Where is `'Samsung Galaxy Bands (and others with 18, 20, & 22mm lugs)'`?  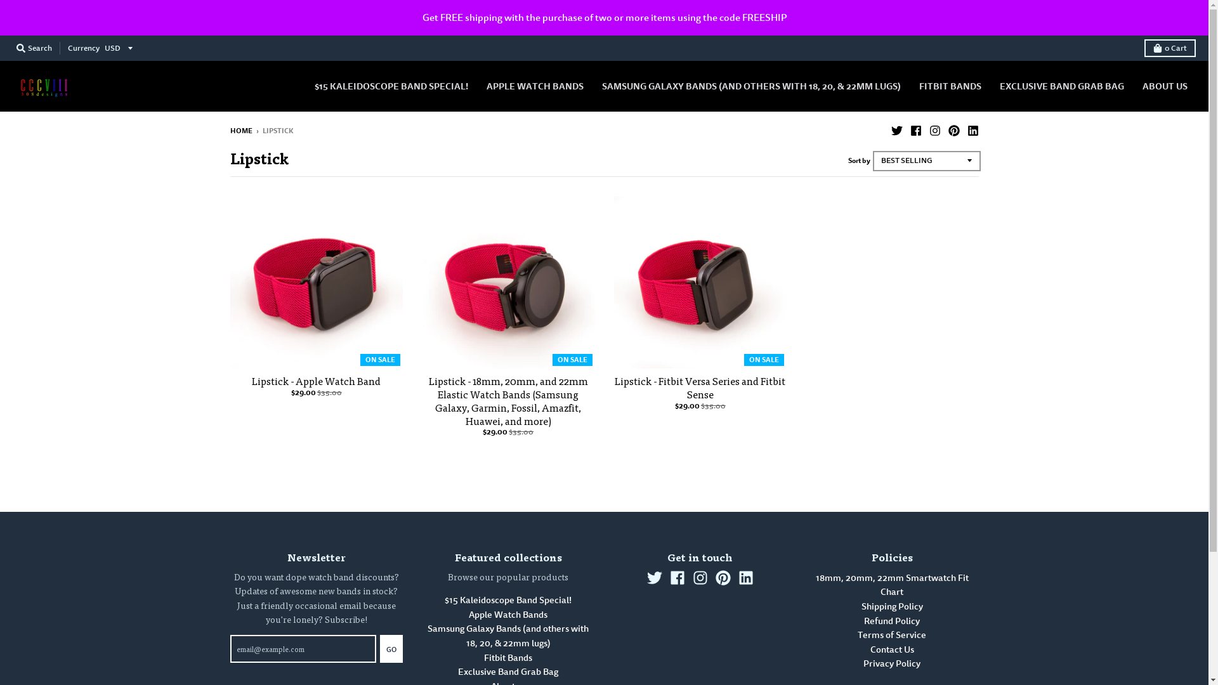 'Samsung Galaxy Bands (and others with 18, 20, & 22mm lugs)' is located at coordinates (427, 636).